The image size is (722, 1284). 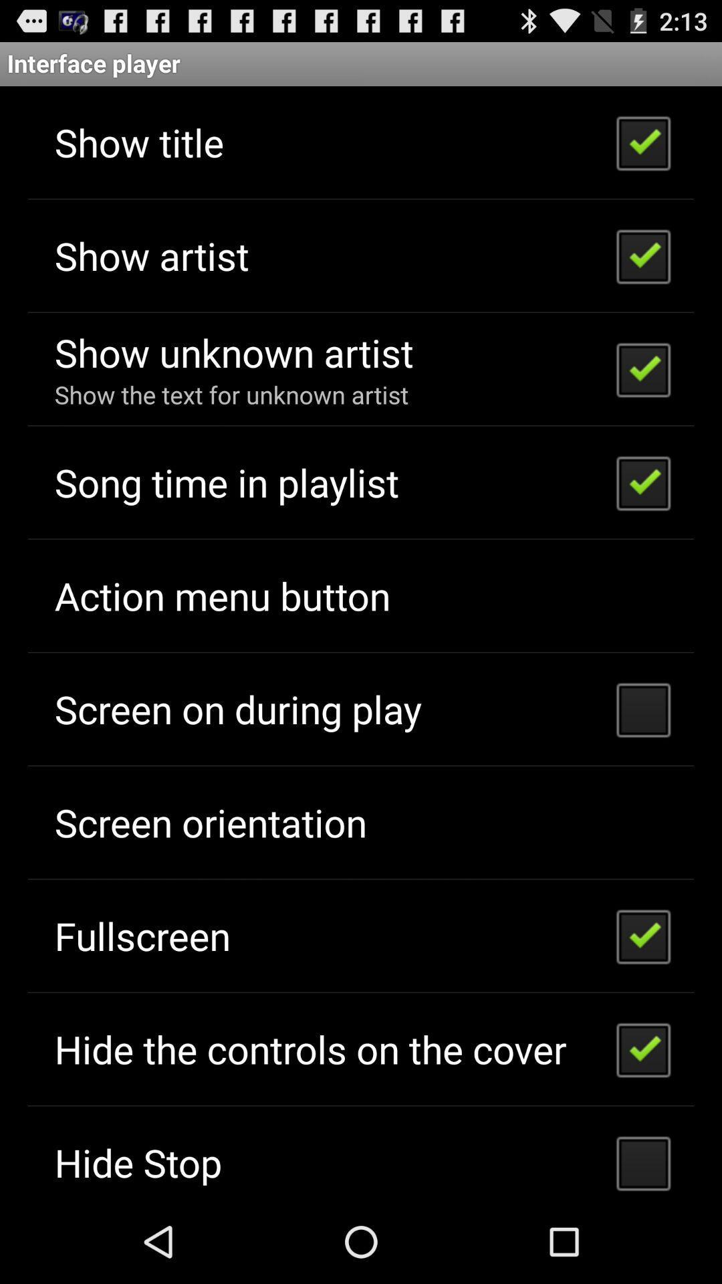 What do you see at coordinates (221, 595) in the screenshot?
I see `the icon above screen on during app` at bounding box center [221, 595].